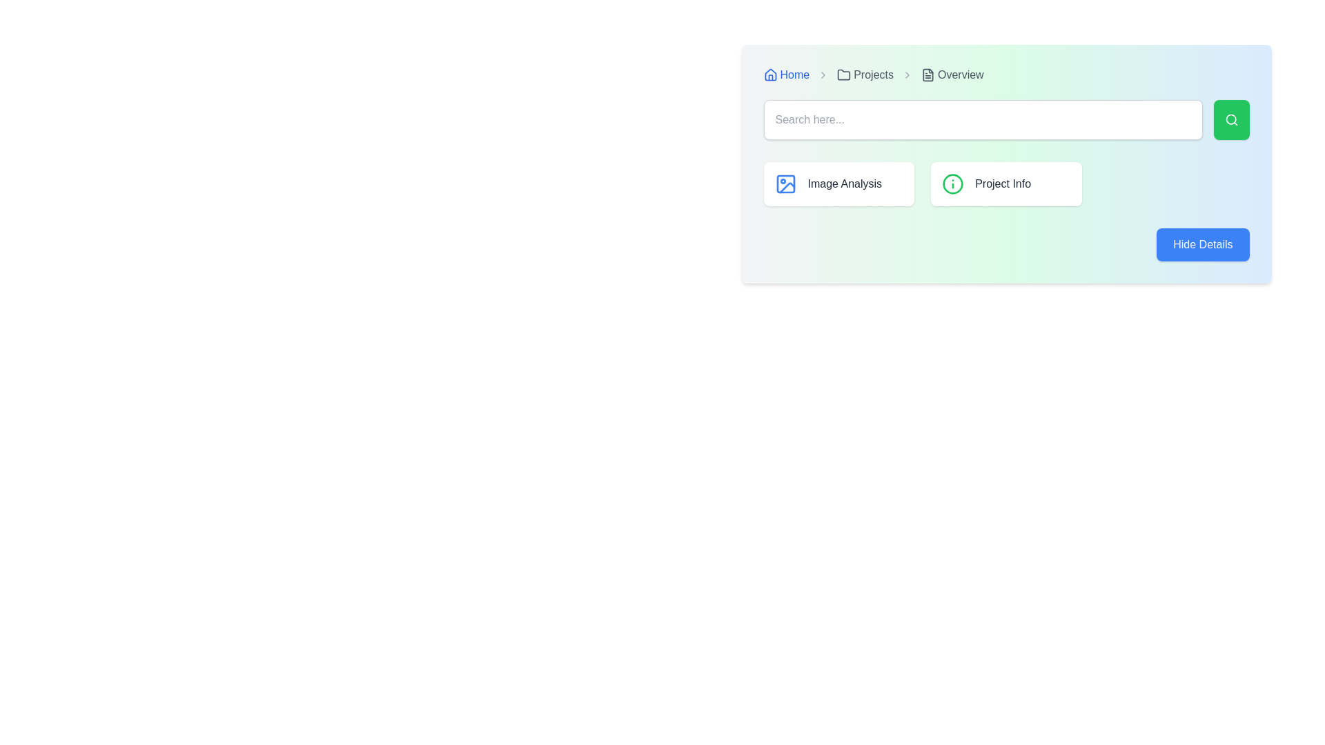  I want to click on the 'Home' hyperlink in the breadcrumb navigation, so click(786, 74).